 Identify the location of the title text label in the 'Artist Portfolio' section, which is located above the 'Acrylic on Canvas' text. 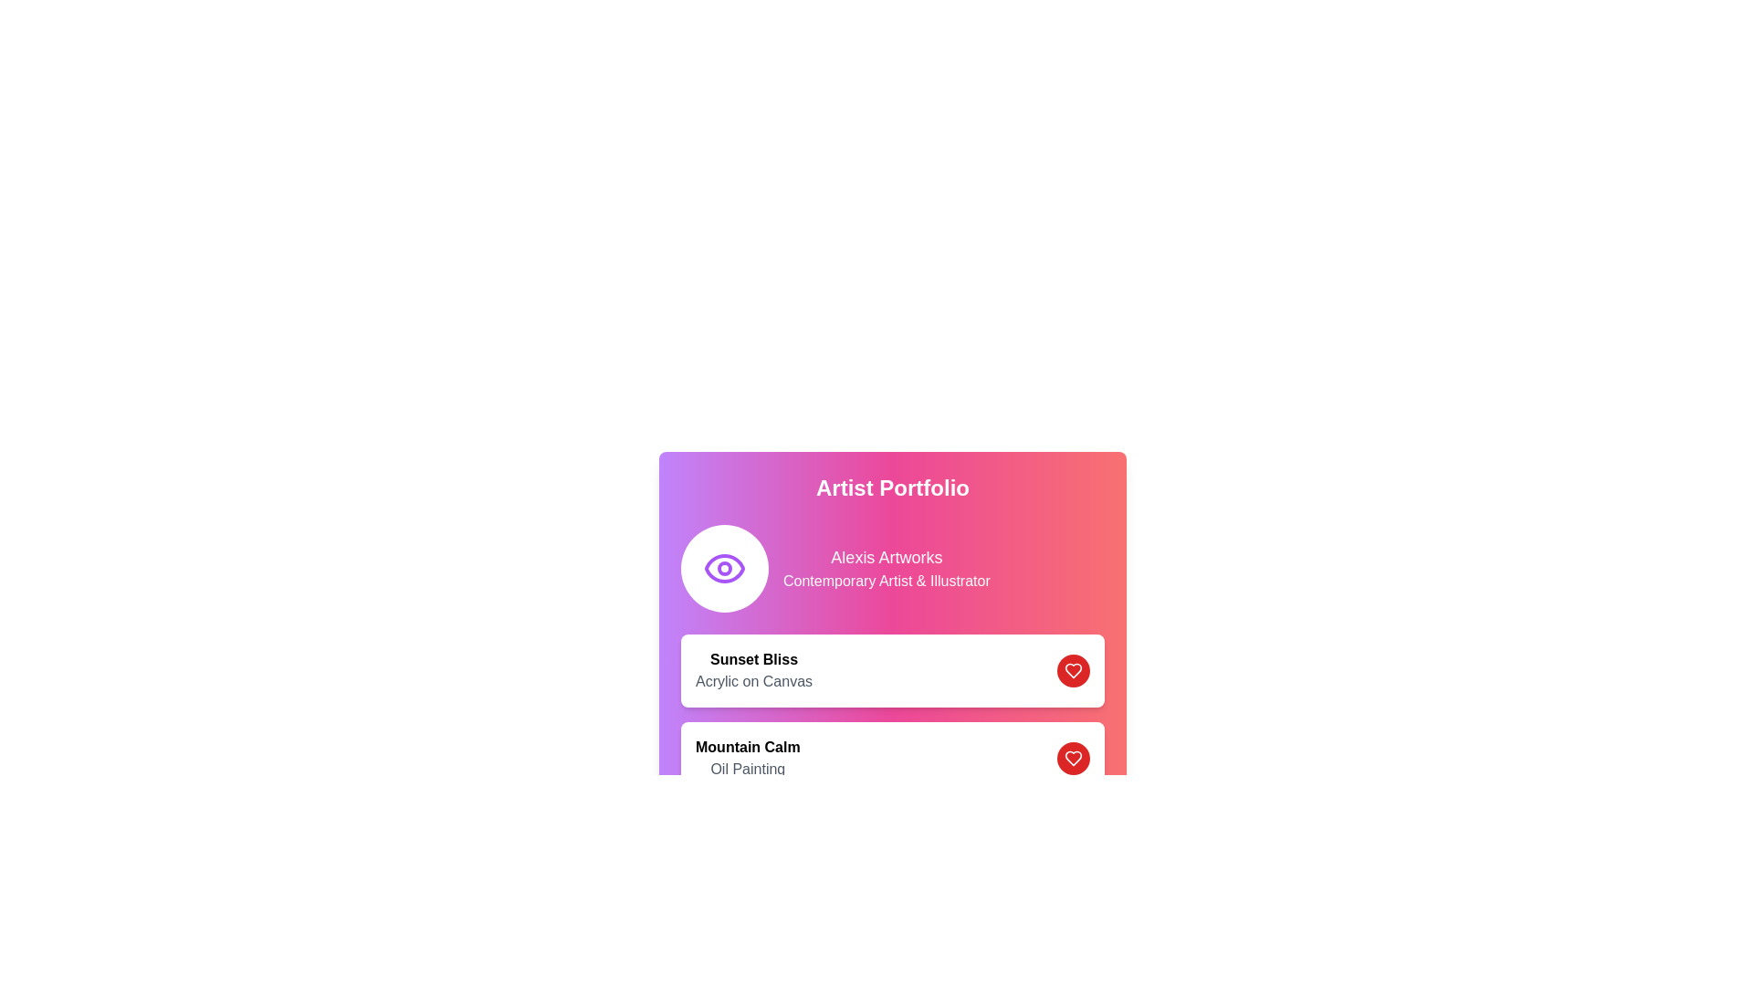
(753, 659).